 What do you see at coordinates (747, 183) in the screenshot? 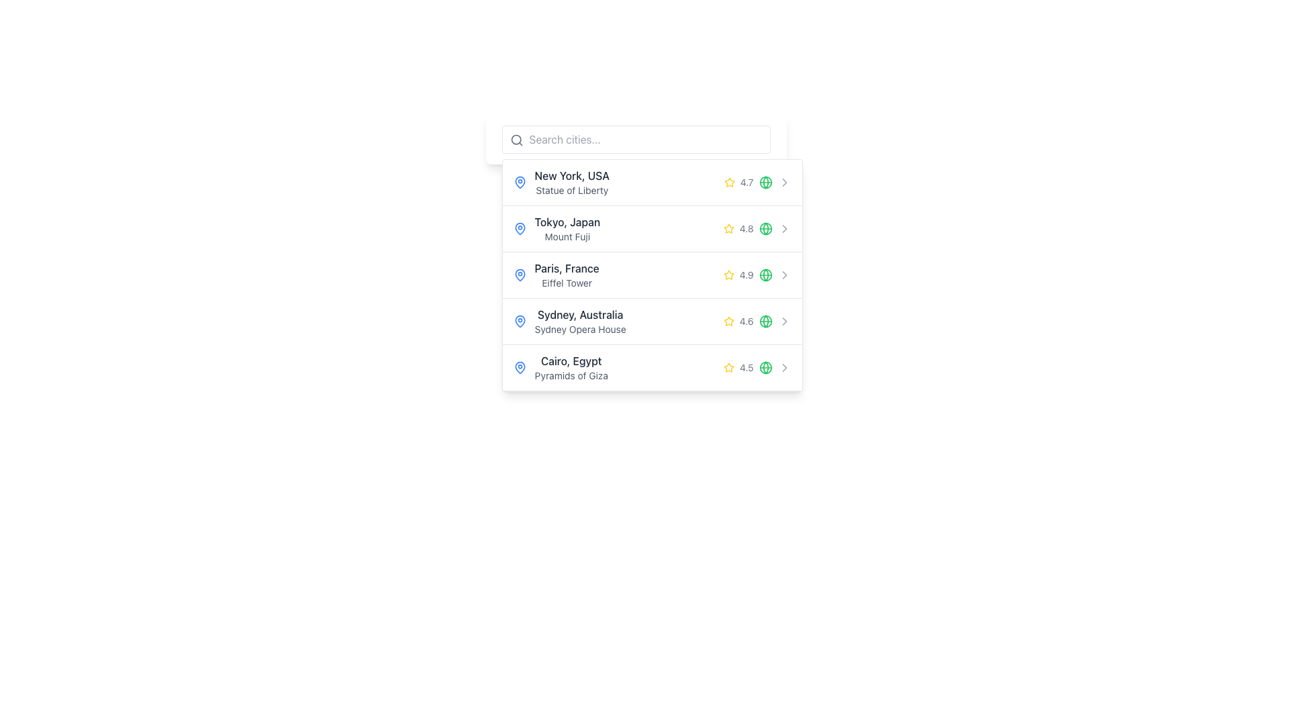
I see `the text element displaying the rating for 'New York, USA - Statue of Liberty', located to the right of the star icon and before the green globe icon` at bounding box center [747, 183].